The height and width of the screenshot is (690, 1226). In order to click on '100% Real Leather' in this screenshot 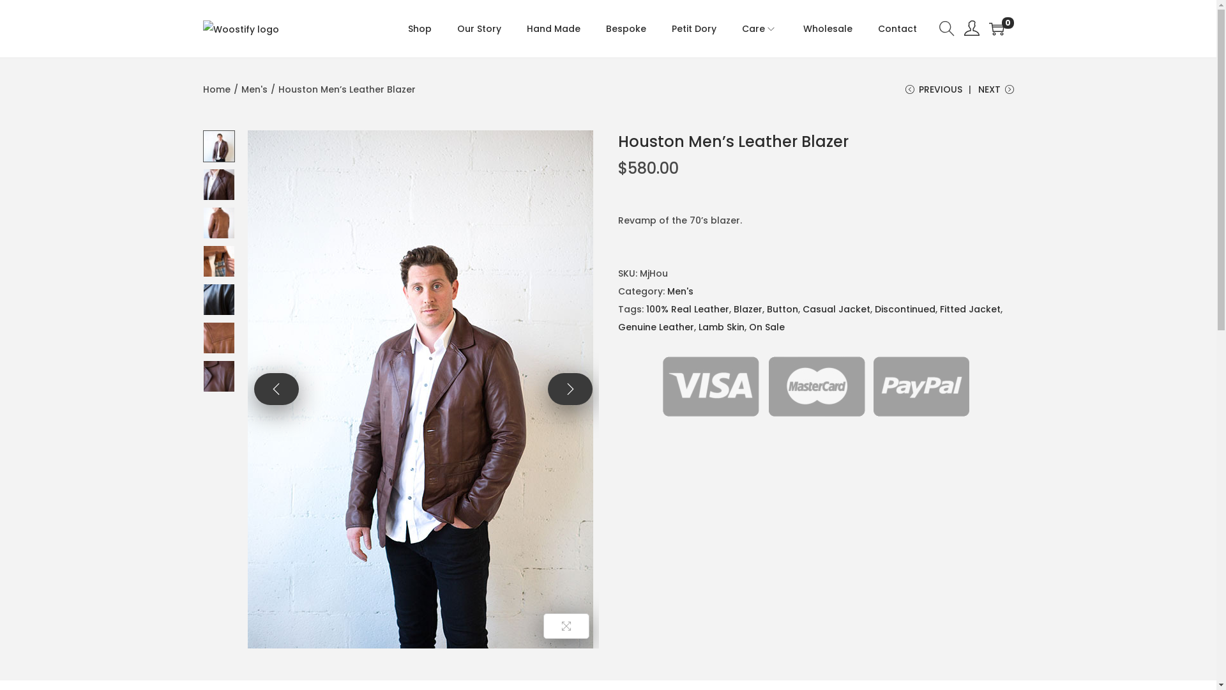, I will do `click(686, 309)`.